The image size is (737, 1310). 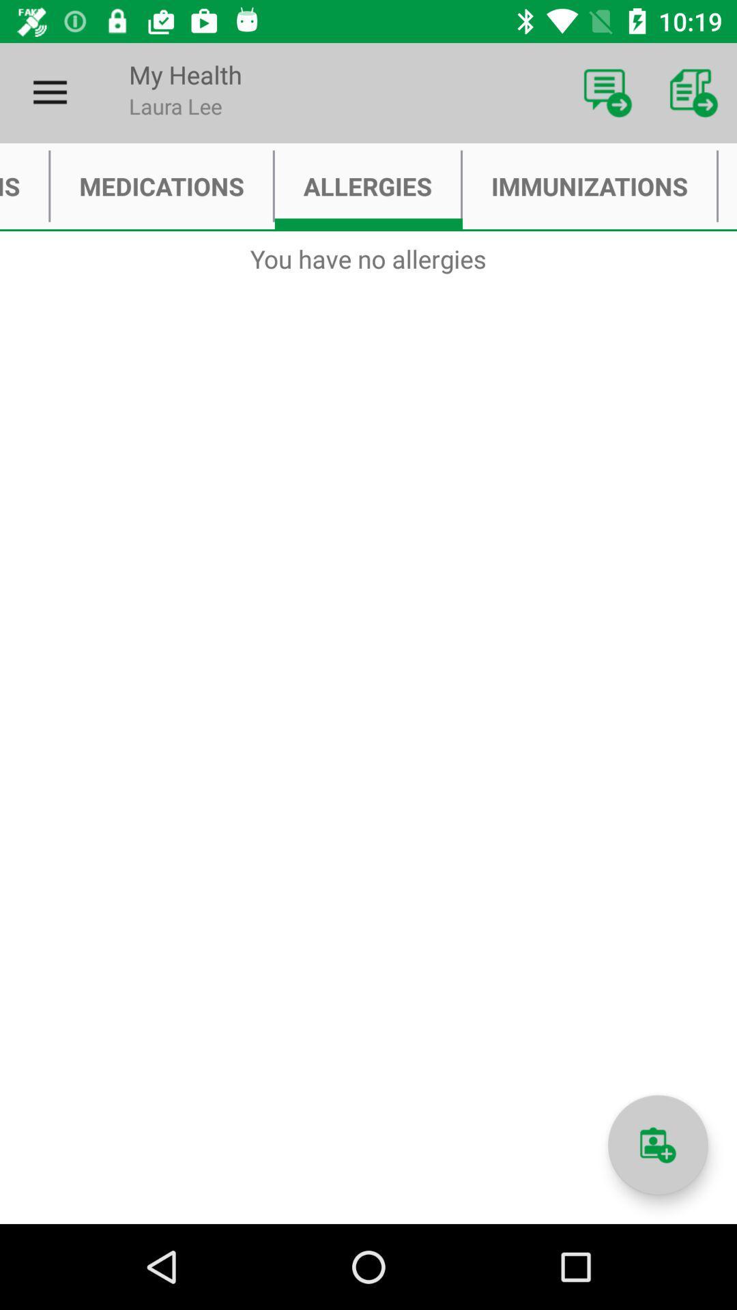 What do you see at coordinates (607, 92) in the screenshot?
I see `item next to my health icon` at bounding box center [607, 92].